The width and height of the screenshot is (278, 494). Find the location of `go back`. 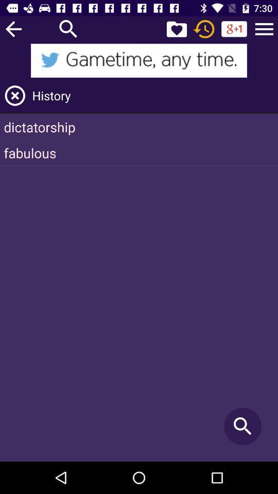

go back is located at coordinates (13, 28).